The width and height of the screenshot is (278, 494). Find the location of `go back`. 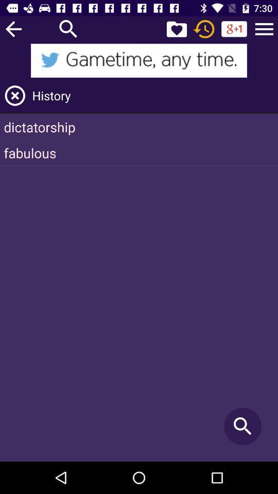

go back is located at coordinates (13, 28).